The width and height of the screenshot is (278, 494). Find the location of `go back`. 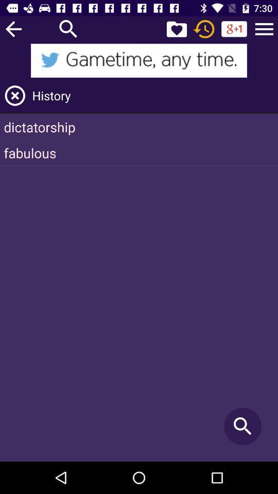

go back is located at coordinates (13, 28).